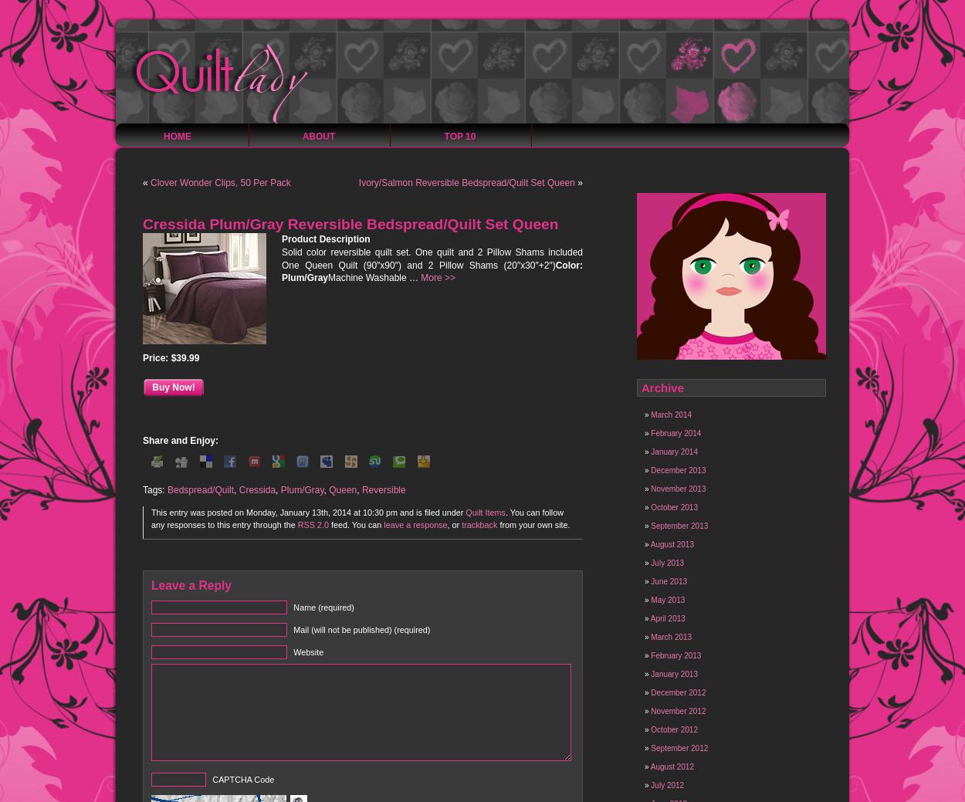 The image size is (965, 802). Describe the element at coordinates (678, 711) in the screenshot. I see `'November 2012'` at that location.